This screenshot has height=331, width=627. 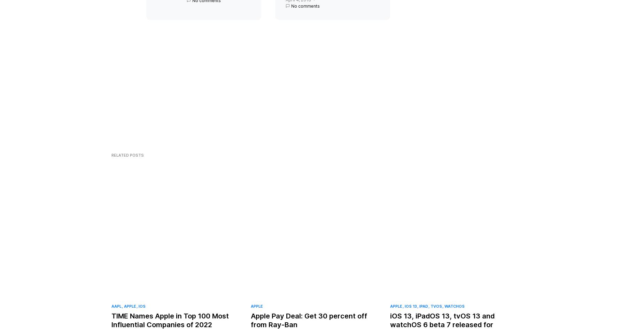 I want to click on 'AAPL', so click(x=111, y=312).